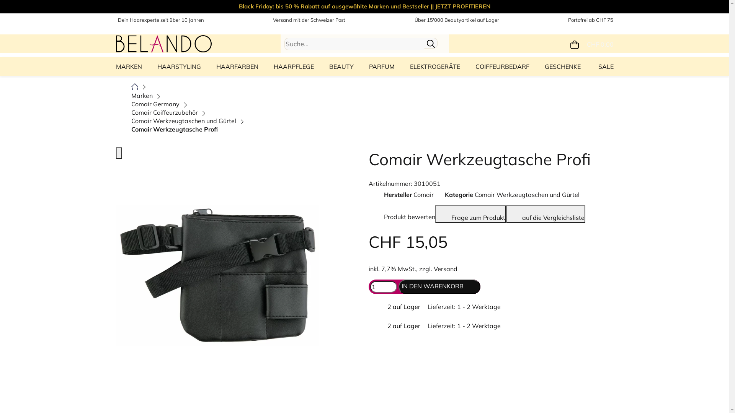 The width and height of the screenshot is (735, 413). What do you see at coordinates (131, 104) in the screenshot?
I see `'Comair Germany'` at bounding box center [131, 104].